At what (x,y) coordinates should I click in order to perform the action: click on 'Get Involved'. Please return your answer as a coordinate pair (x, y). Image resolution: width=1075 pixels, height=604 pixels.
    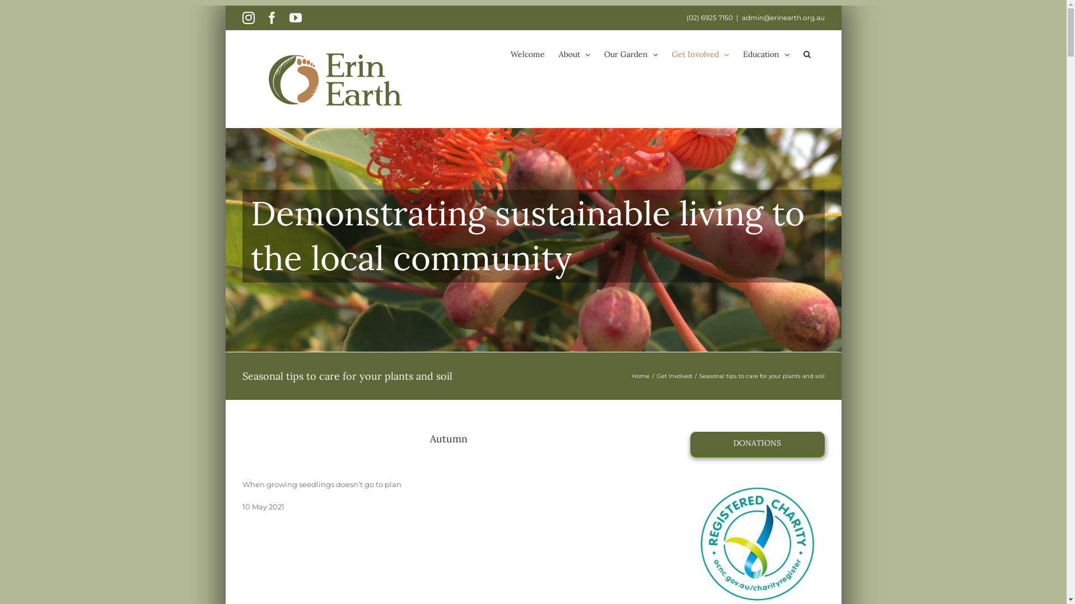
    Looking at the image, I should click on (700, 54).